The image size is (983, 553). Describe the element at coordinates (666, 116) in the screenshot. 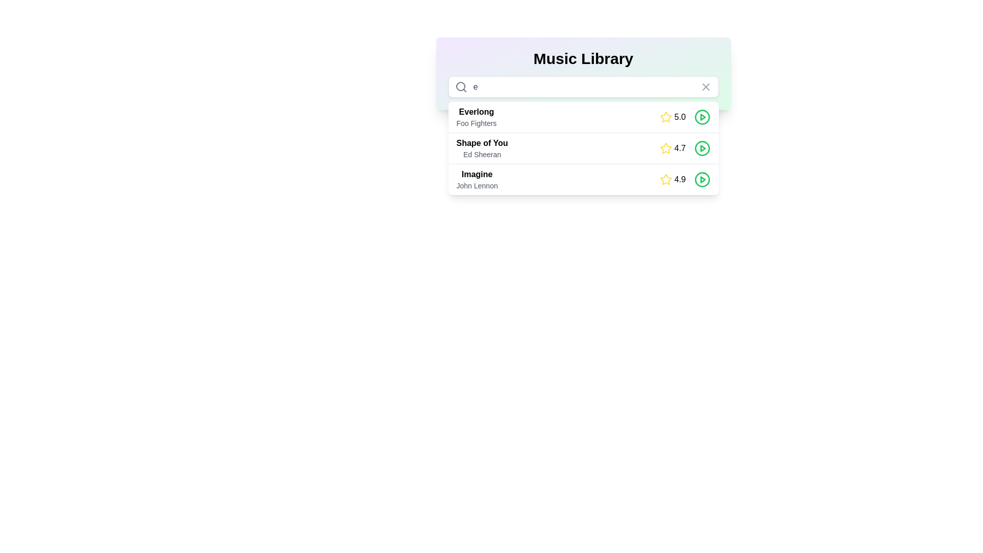

I see `the star-shaped icon with a yellow outline, which indicates a rating and is located next to the numerical rating '5.0' for the 'Everlong' song entry` at that location.